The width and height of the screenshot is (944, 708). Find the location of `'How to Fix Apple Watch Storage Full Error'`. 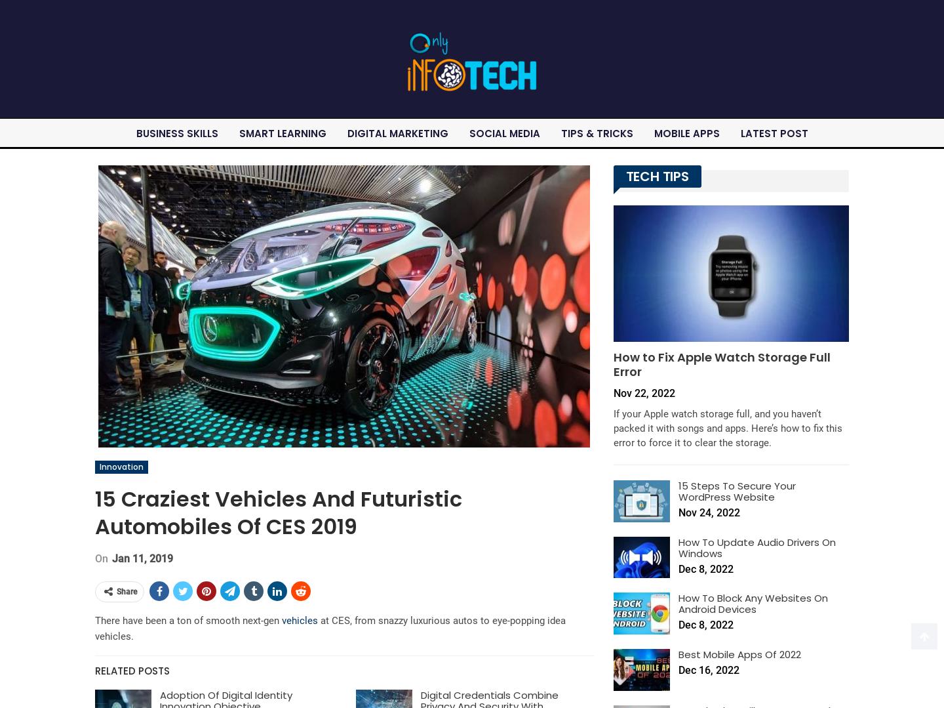

'How to Fix Apple Watch Storage Full Error' is located at coordinates (720, 363).